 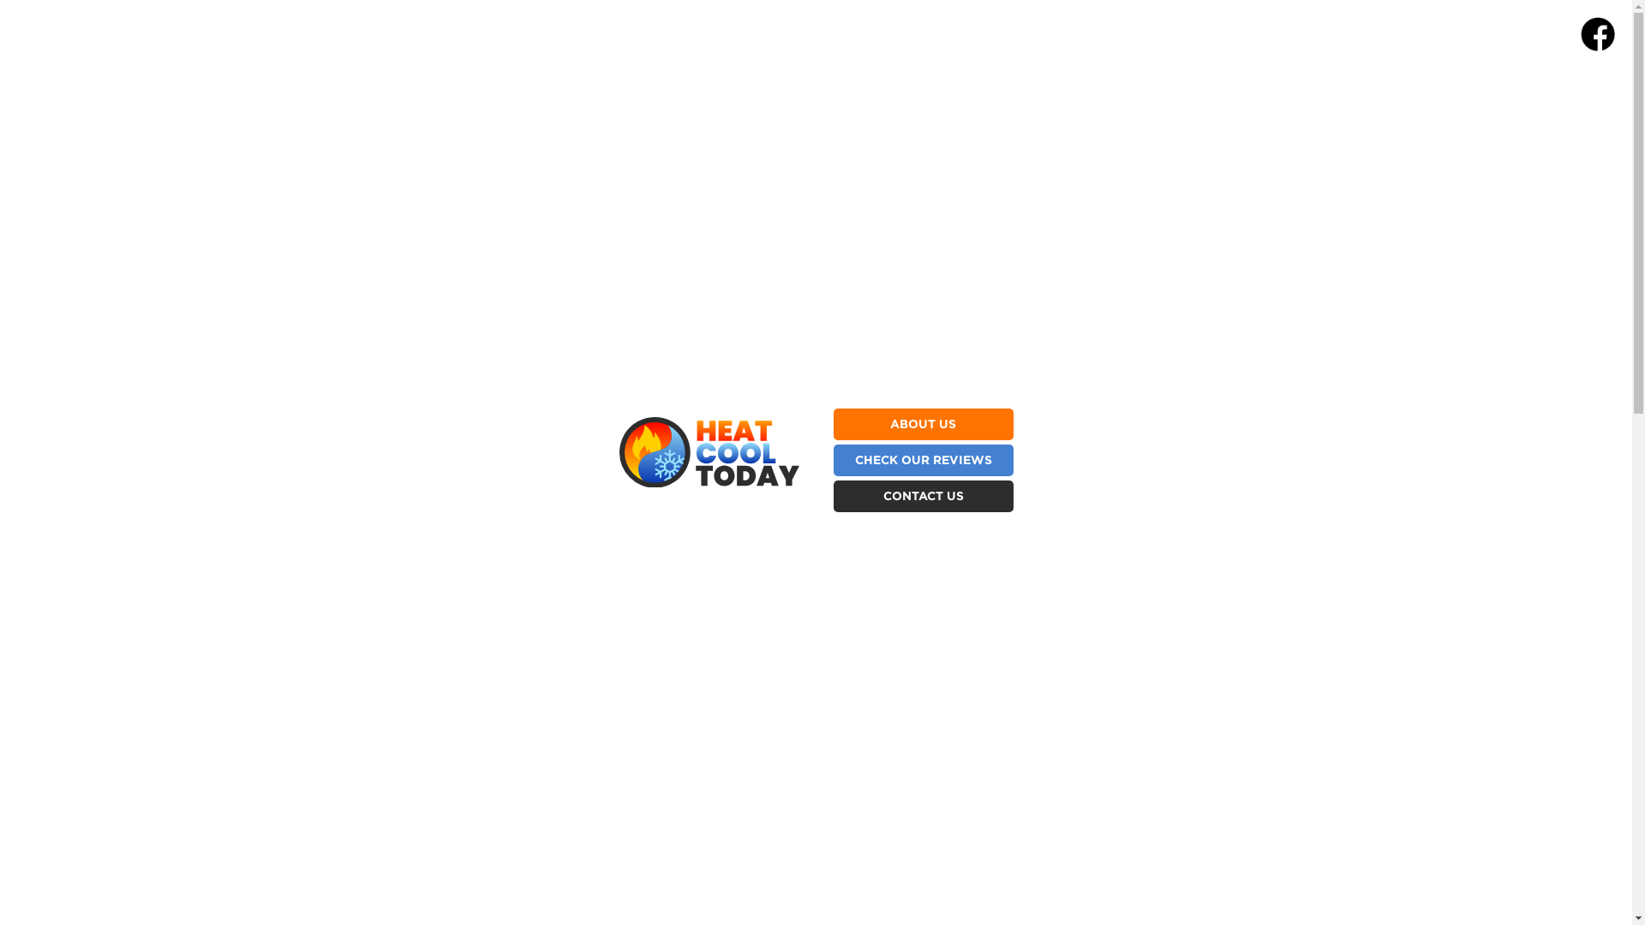 I want to click on 'CONTACT US', so click(x=882, y=495).